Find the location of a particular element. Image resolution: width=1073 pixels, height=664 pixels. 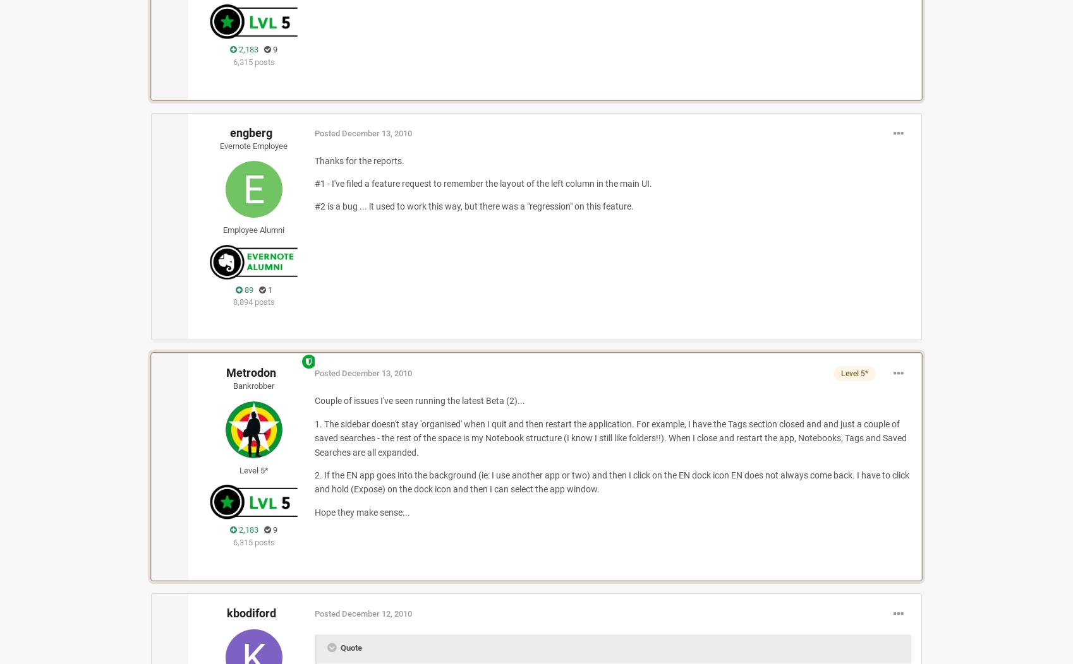

'Metrodon' is located at coordinates (251, 372).